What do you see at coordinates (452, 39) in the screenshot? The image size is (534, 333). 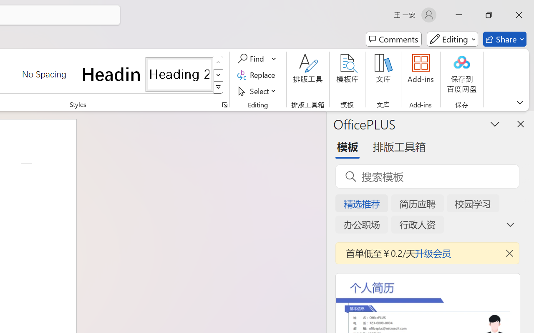 I see `'Mode'` at bounding box center [452, 39].